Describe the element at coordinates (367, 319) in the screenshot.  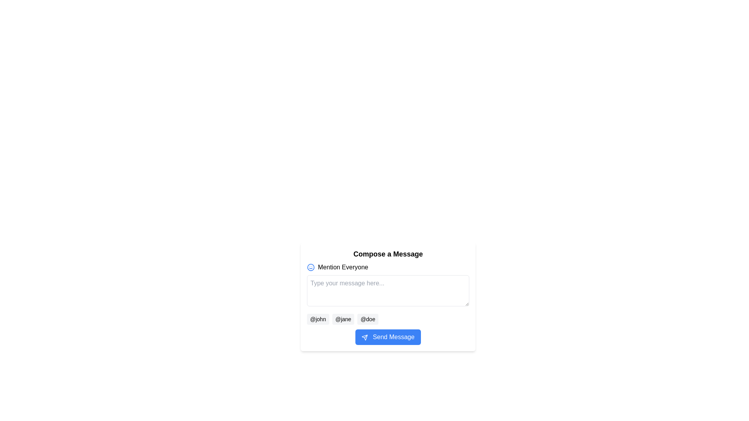
I see `the distinct gray rectangular tag element containing the text '@doe'` at that location.